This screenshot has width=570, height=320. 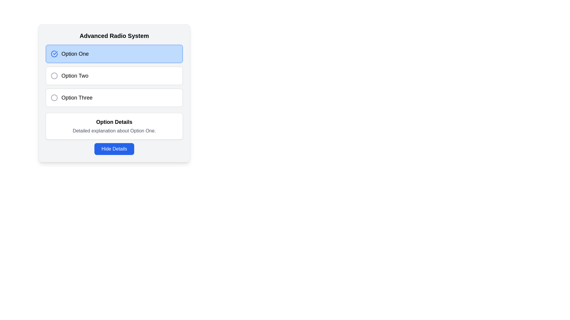 What do you see at coordinates (54, 75) in the screenshot?
I see `the unselected SVG graphical icon of the radio button component for 'Option Two' located in the second row` at bounding box center [54, 75].